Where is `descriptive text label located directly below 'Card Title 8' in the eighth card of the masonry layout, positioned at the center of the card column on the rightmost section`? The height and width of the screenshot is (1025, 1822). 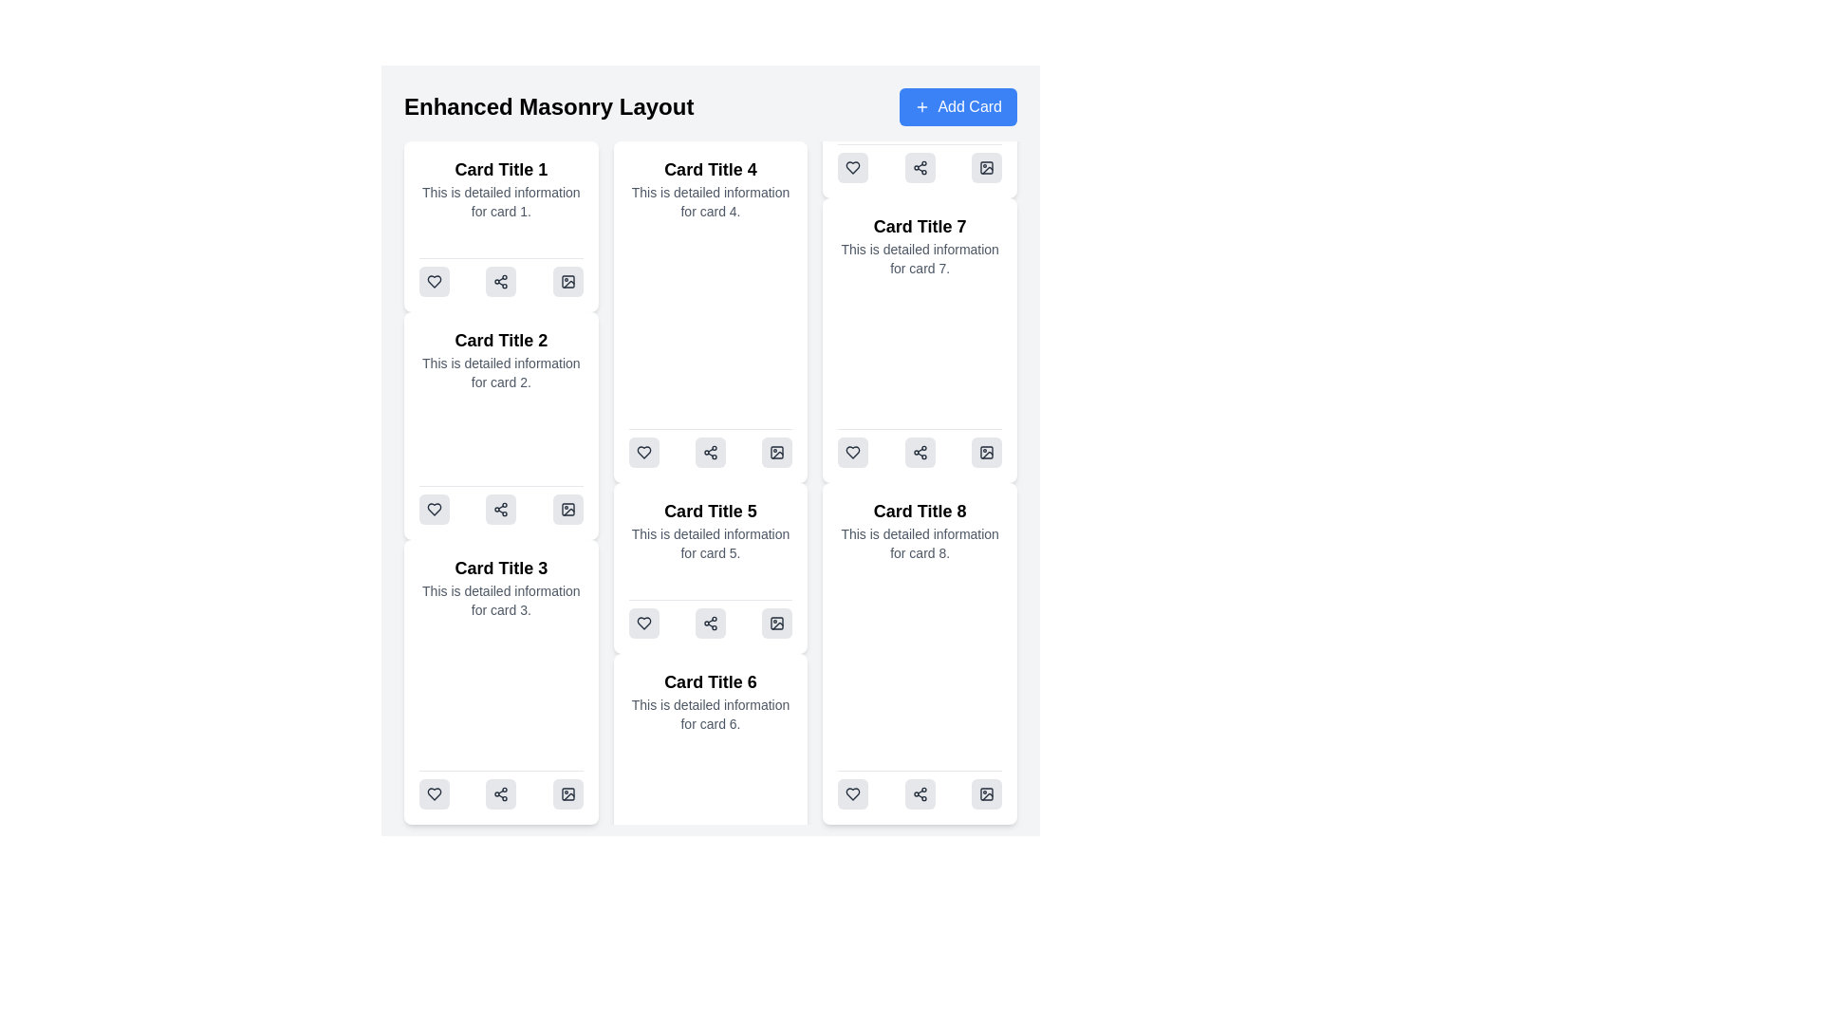 descriptive text label located directly below 'Card Title 8' in the eighth card of the masonry layout, positioned at the center of the card column on the rightmost section is located at coordinates (920, 544).